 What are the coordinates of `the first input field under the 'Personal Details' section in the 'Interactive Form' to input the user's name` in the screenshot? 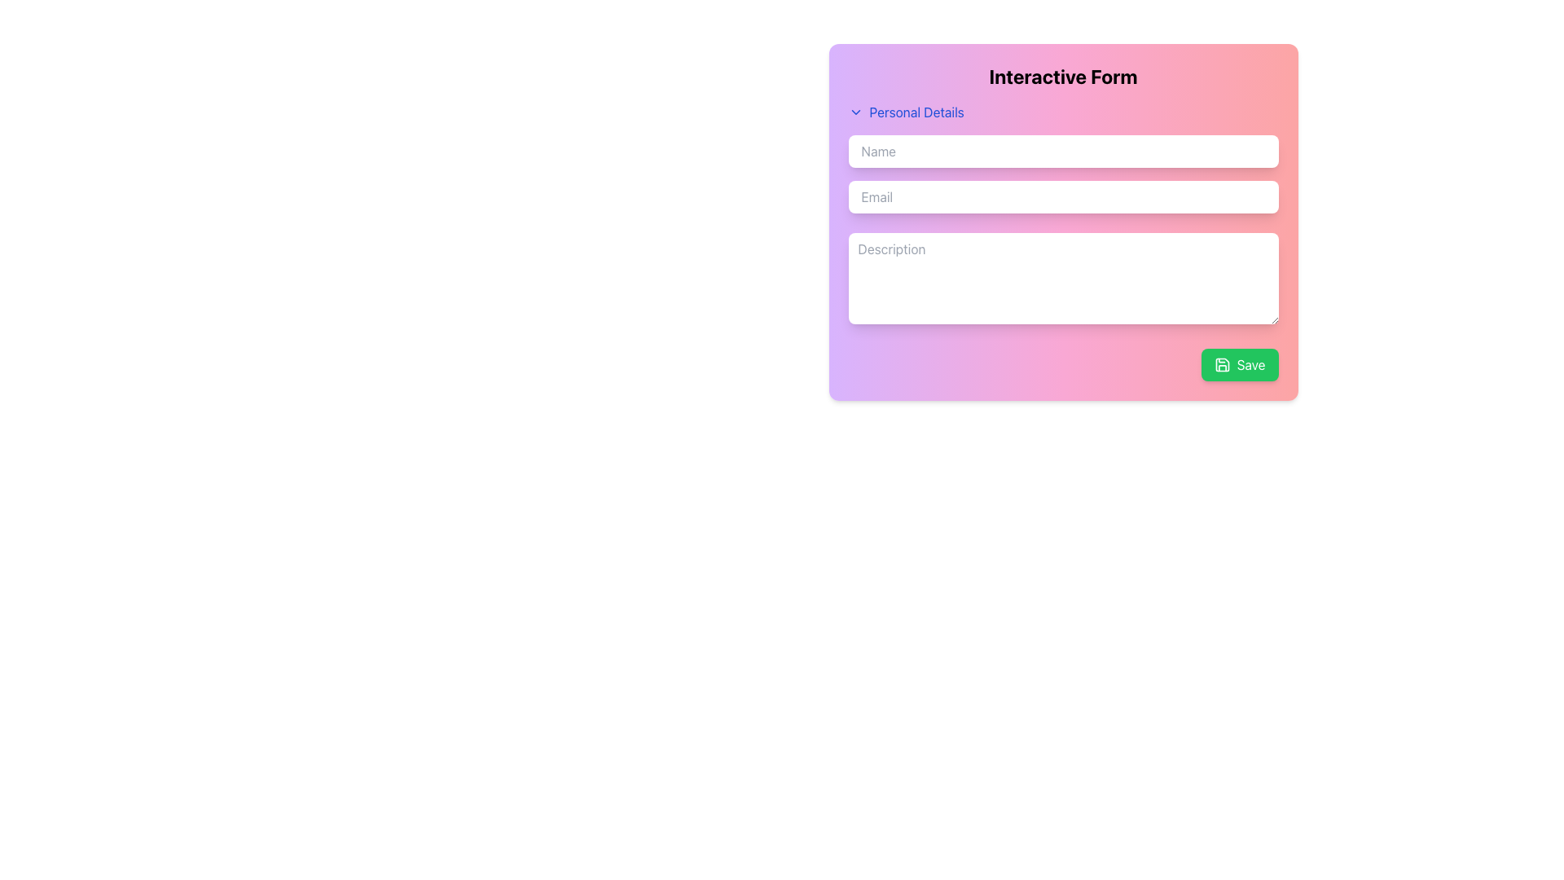 It's located at (1063, 157).